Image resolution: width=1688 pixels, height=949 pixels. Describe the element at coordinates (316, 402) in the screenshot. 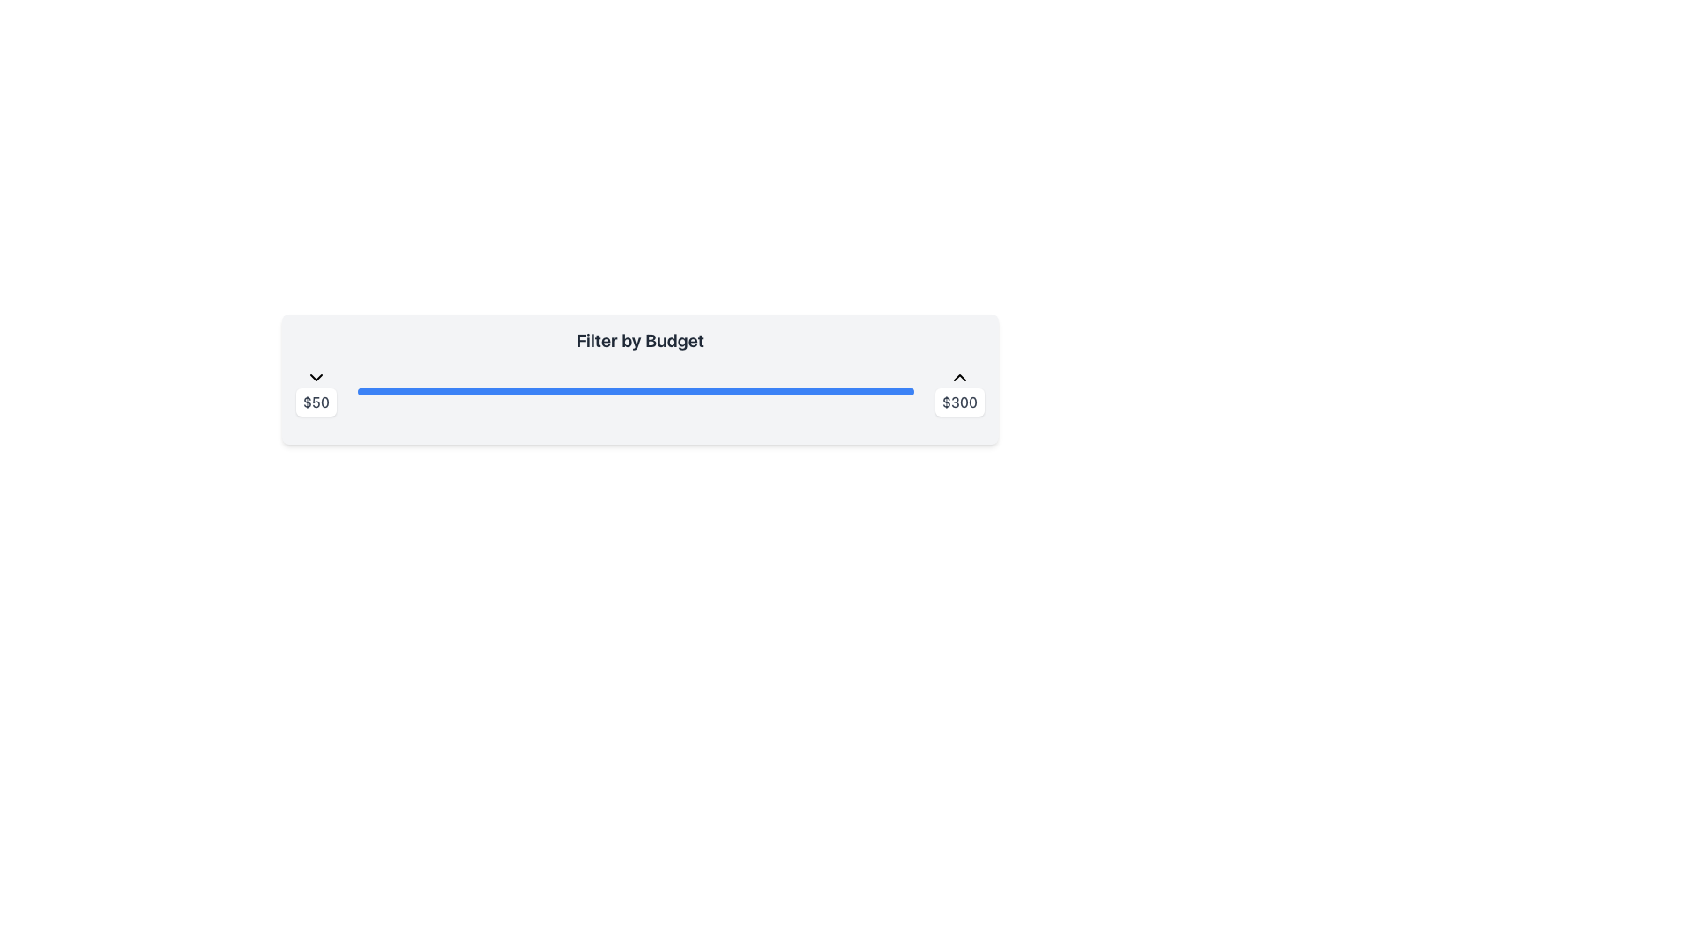

I see `the label representing the minimum value for the budget range, which is located below a downward arrow icon and to the left of a horizontal slider, and to the left of the label showing "$300"` at that location.